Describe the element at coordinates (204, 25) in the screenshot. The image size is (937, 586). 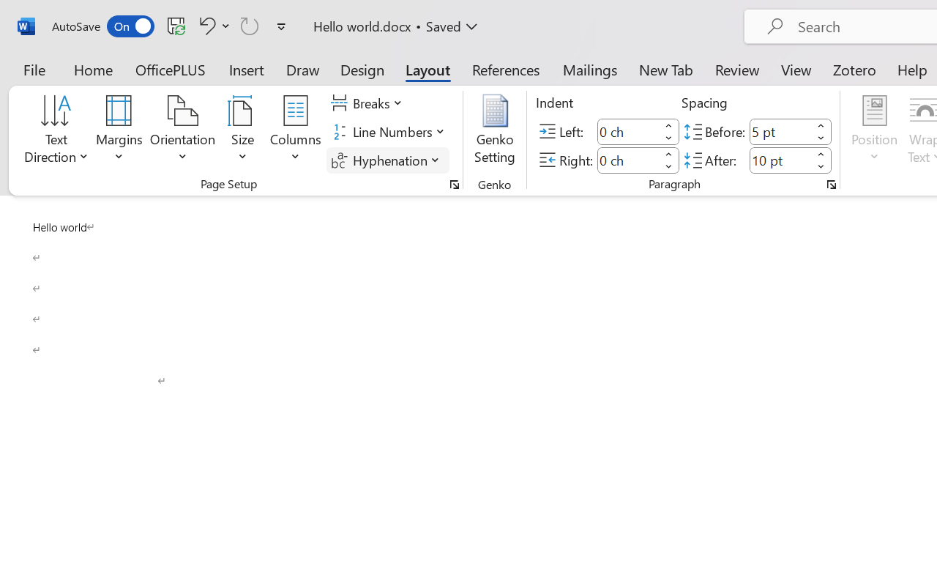
I see `'Undo Apply Quick Style Set'` at that location.